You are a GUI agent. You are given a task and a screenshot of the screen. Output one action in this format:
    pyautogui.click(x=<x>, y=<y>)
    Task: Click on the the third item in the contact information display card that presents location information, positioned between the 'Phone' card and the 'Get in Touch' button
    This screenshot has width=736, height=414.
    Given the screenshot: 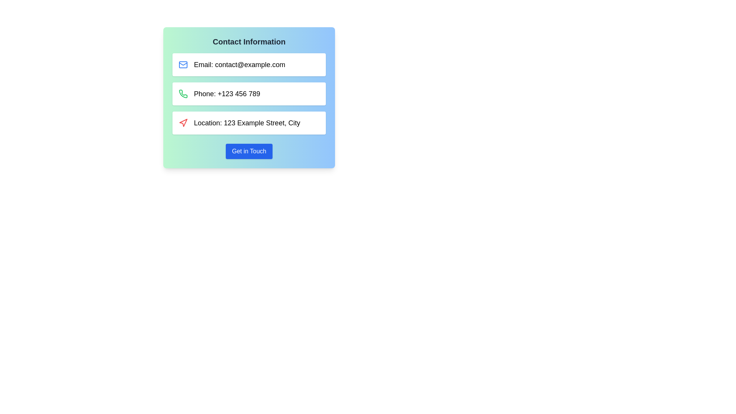 What is the action you would take?
    pyautogui.click(x=249, y=122)
    